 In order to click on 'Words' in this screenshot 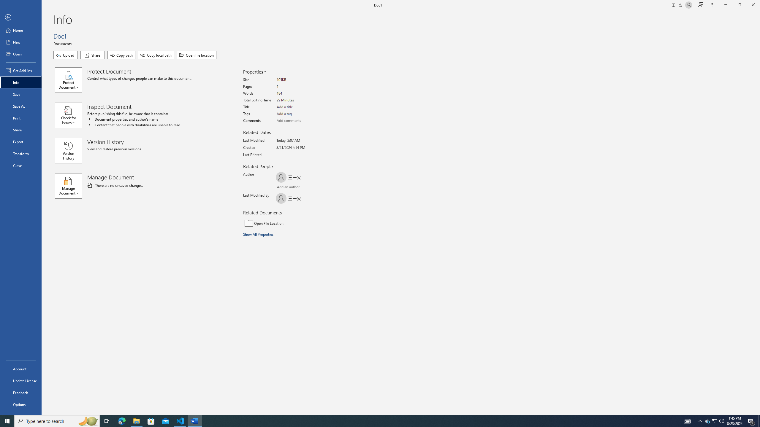, I will do `click(299, 93)`.